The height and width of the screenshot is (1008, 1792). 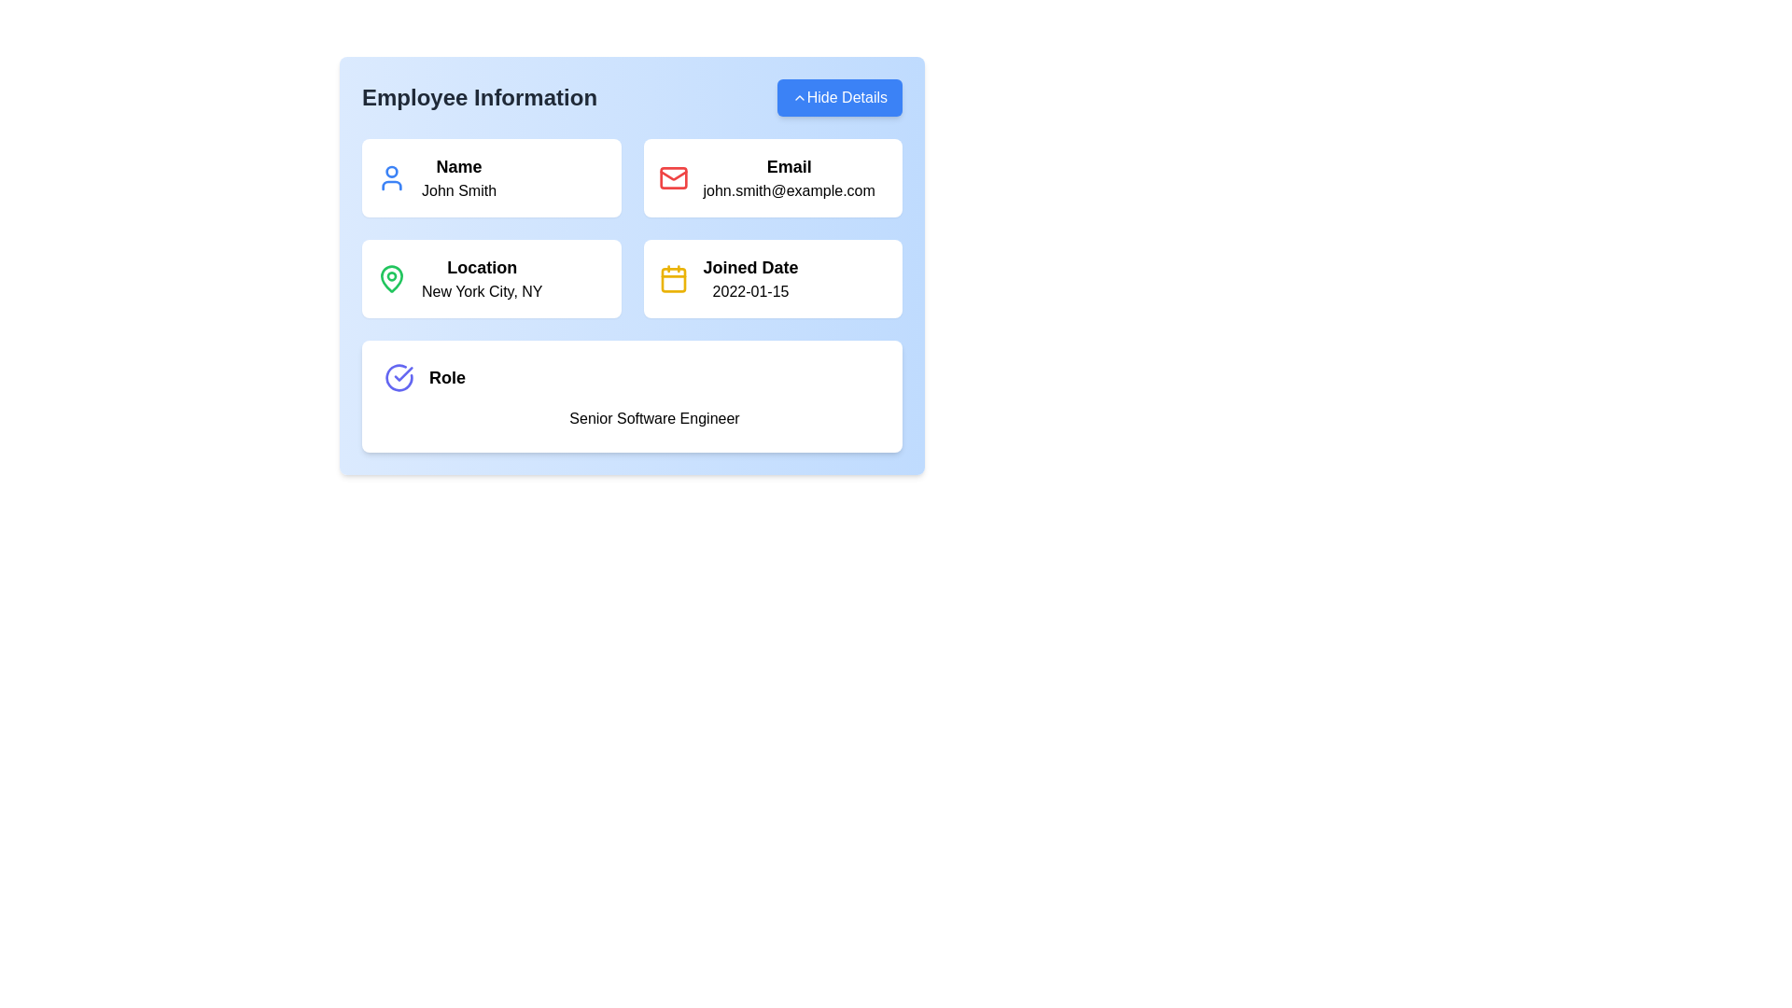 I want to click on the text display element that provides geographic location information about the associated individual, located in the second row, first column of the grid layout, below the 'Name' section, so click(x=482, y=279).